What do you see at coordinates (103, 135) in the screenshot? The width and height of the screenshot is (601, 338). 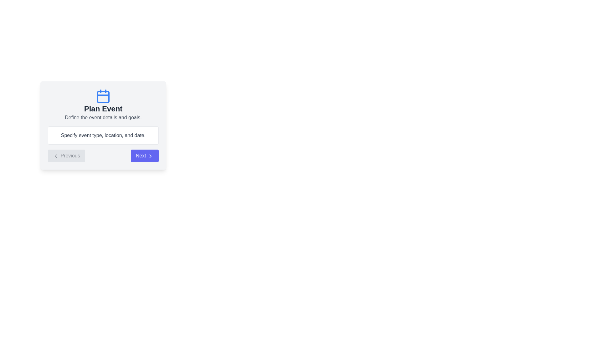 I see `the text box containing the detailed content to focus on it` at bounding box center [103, 135].